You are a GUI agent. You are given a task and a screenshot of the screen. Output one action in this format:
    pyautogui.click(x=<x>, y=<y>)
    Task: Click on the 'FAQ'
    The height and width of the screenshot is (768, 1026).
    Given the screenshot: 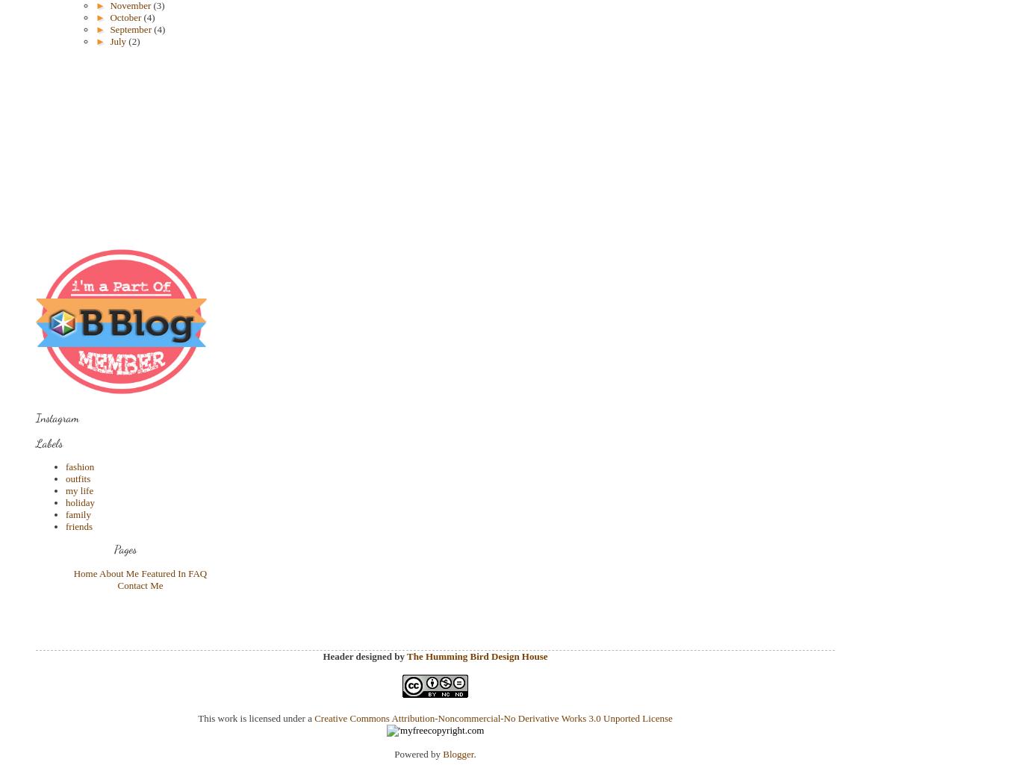 What is the action you would take?
    pyautogui.click(x=196, y=572)
    